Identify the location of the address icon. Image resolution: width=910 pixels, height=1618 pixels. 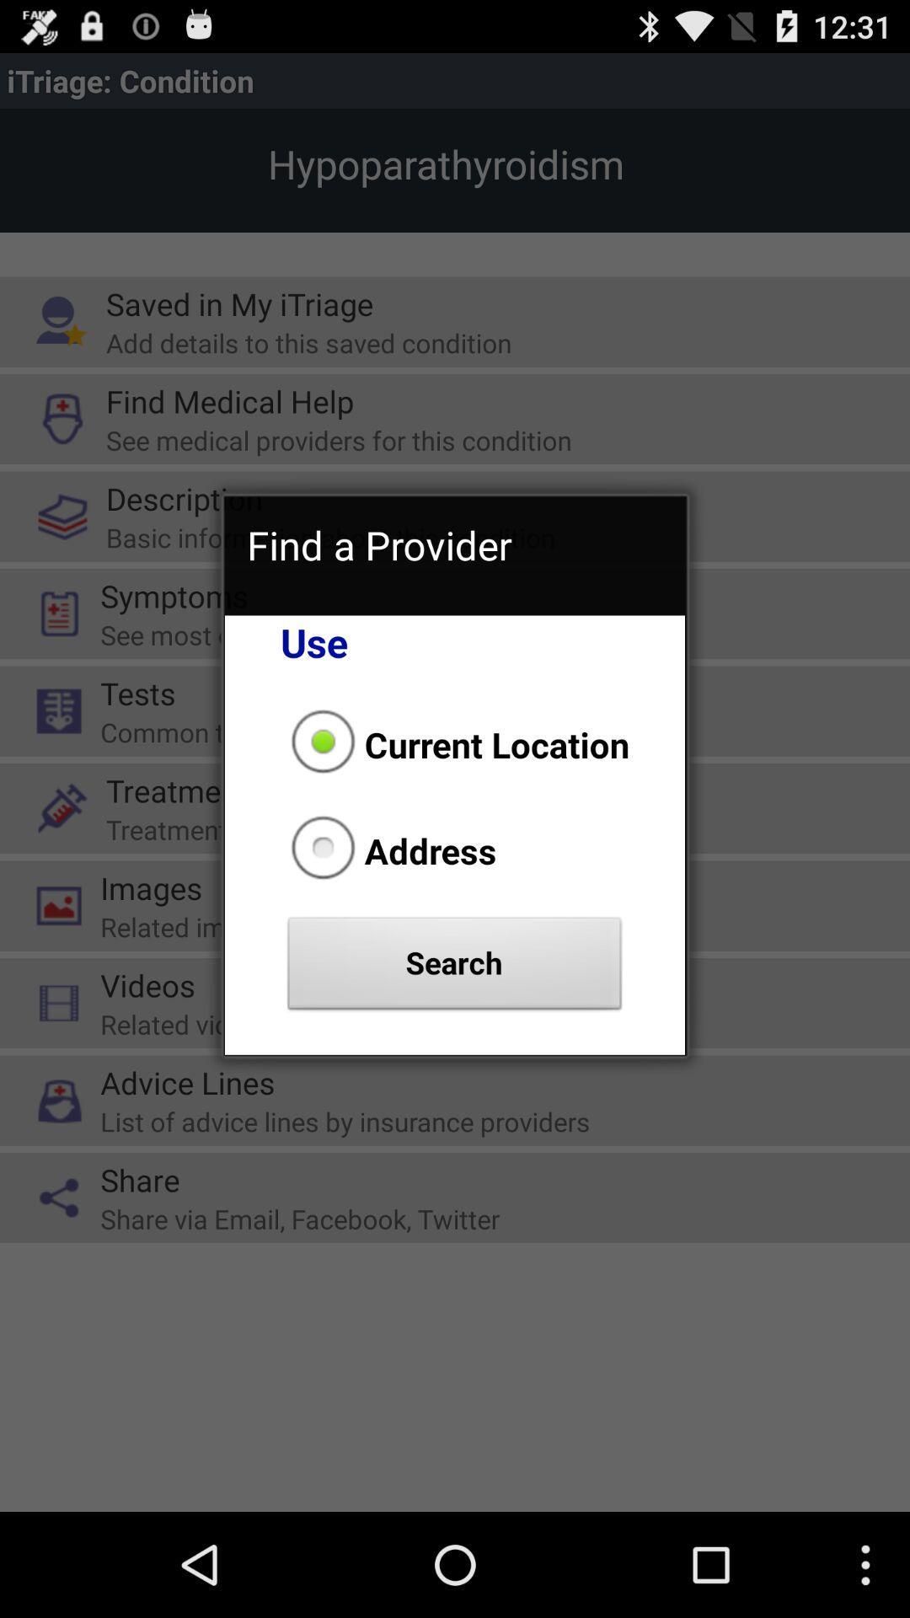
(388, 850).